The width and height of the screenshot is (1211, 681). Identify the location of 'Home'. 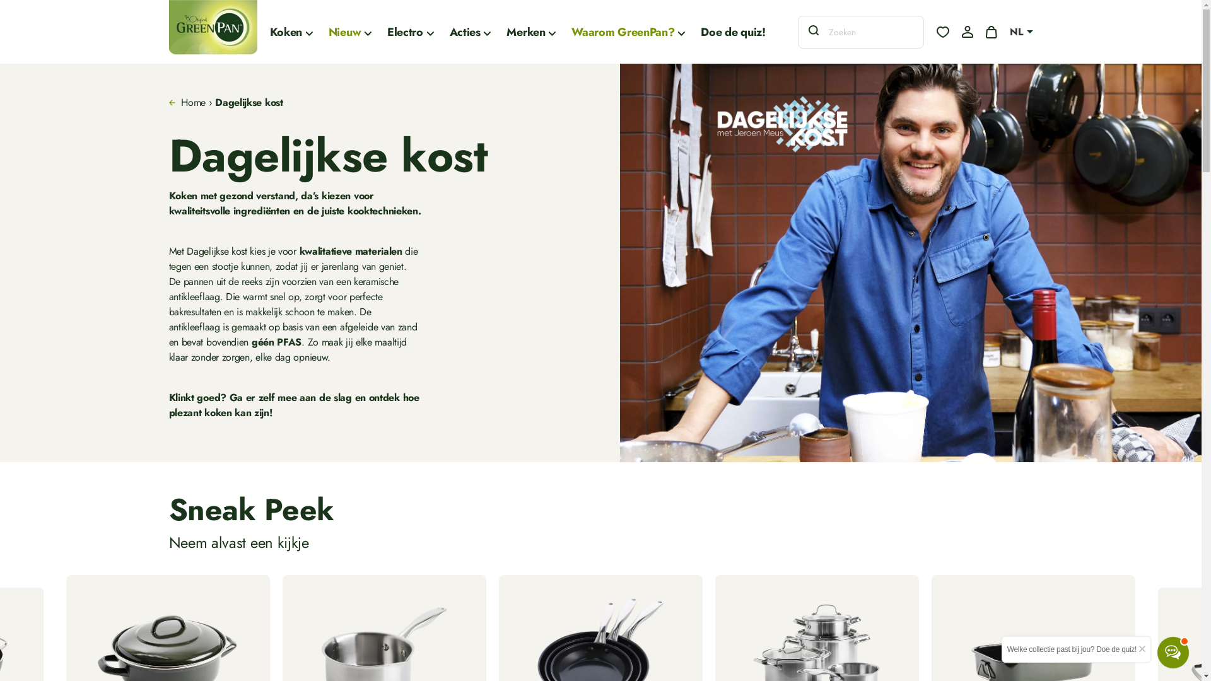
(180, 102).